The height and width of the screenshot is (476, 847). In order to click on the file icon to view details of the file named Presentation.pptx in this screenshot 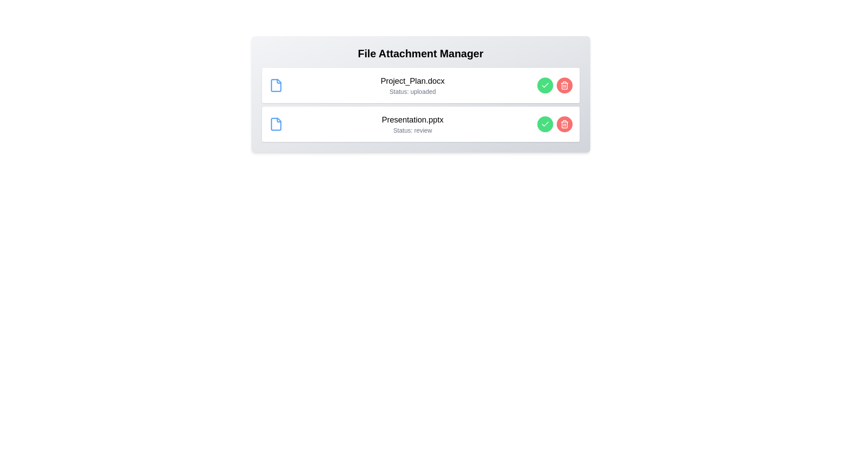, I will do `click(275, 124)`.